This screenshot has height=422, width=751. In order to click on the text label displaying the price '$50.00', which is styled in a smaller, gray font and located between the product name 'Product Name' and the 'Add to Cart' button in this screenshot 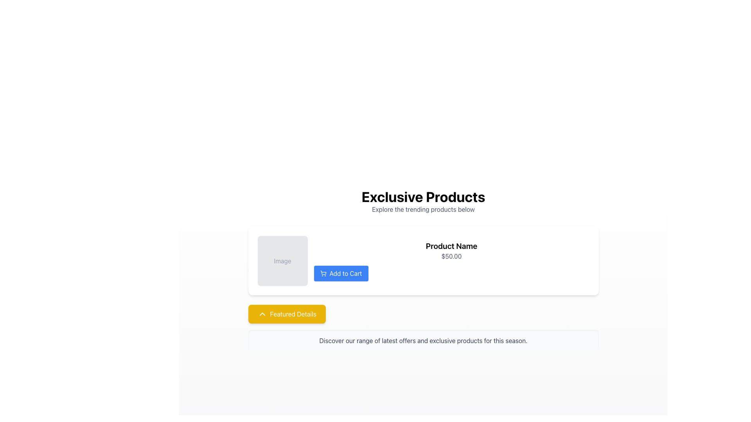, I will do `click(451, 256)`.